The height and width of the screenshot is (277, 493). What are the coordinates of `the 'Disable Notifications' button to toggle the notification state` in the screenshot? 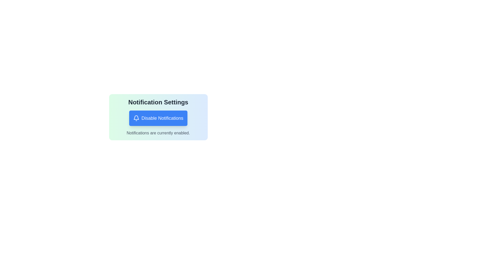 It's located at (158, 118).